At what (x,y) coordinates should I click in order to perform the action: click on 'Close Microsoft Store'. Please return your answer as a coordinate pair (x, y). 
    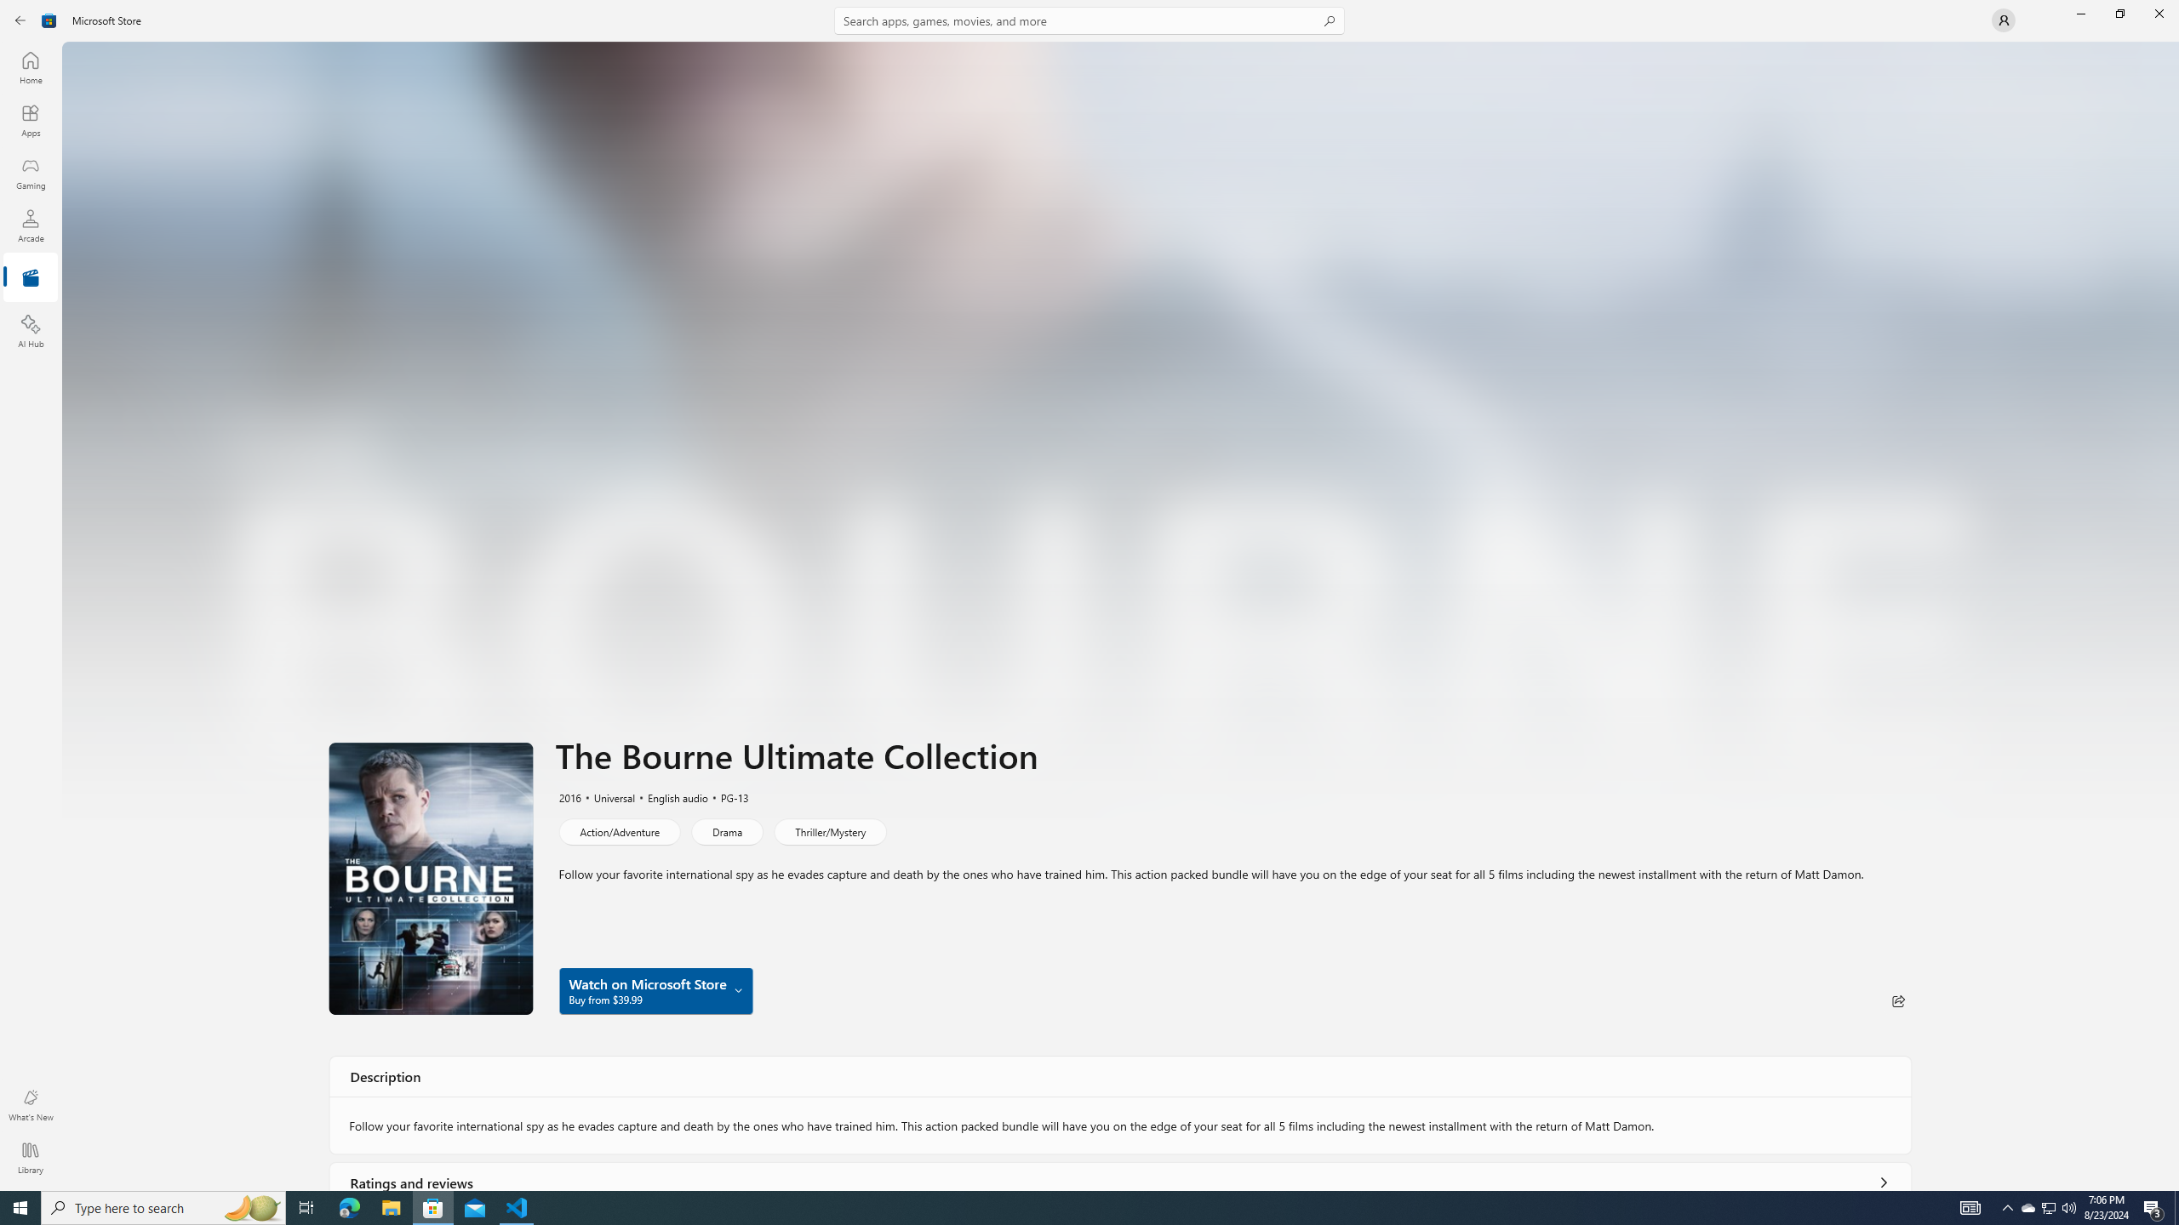
    Looking at the image, I should click on (2158, 13).